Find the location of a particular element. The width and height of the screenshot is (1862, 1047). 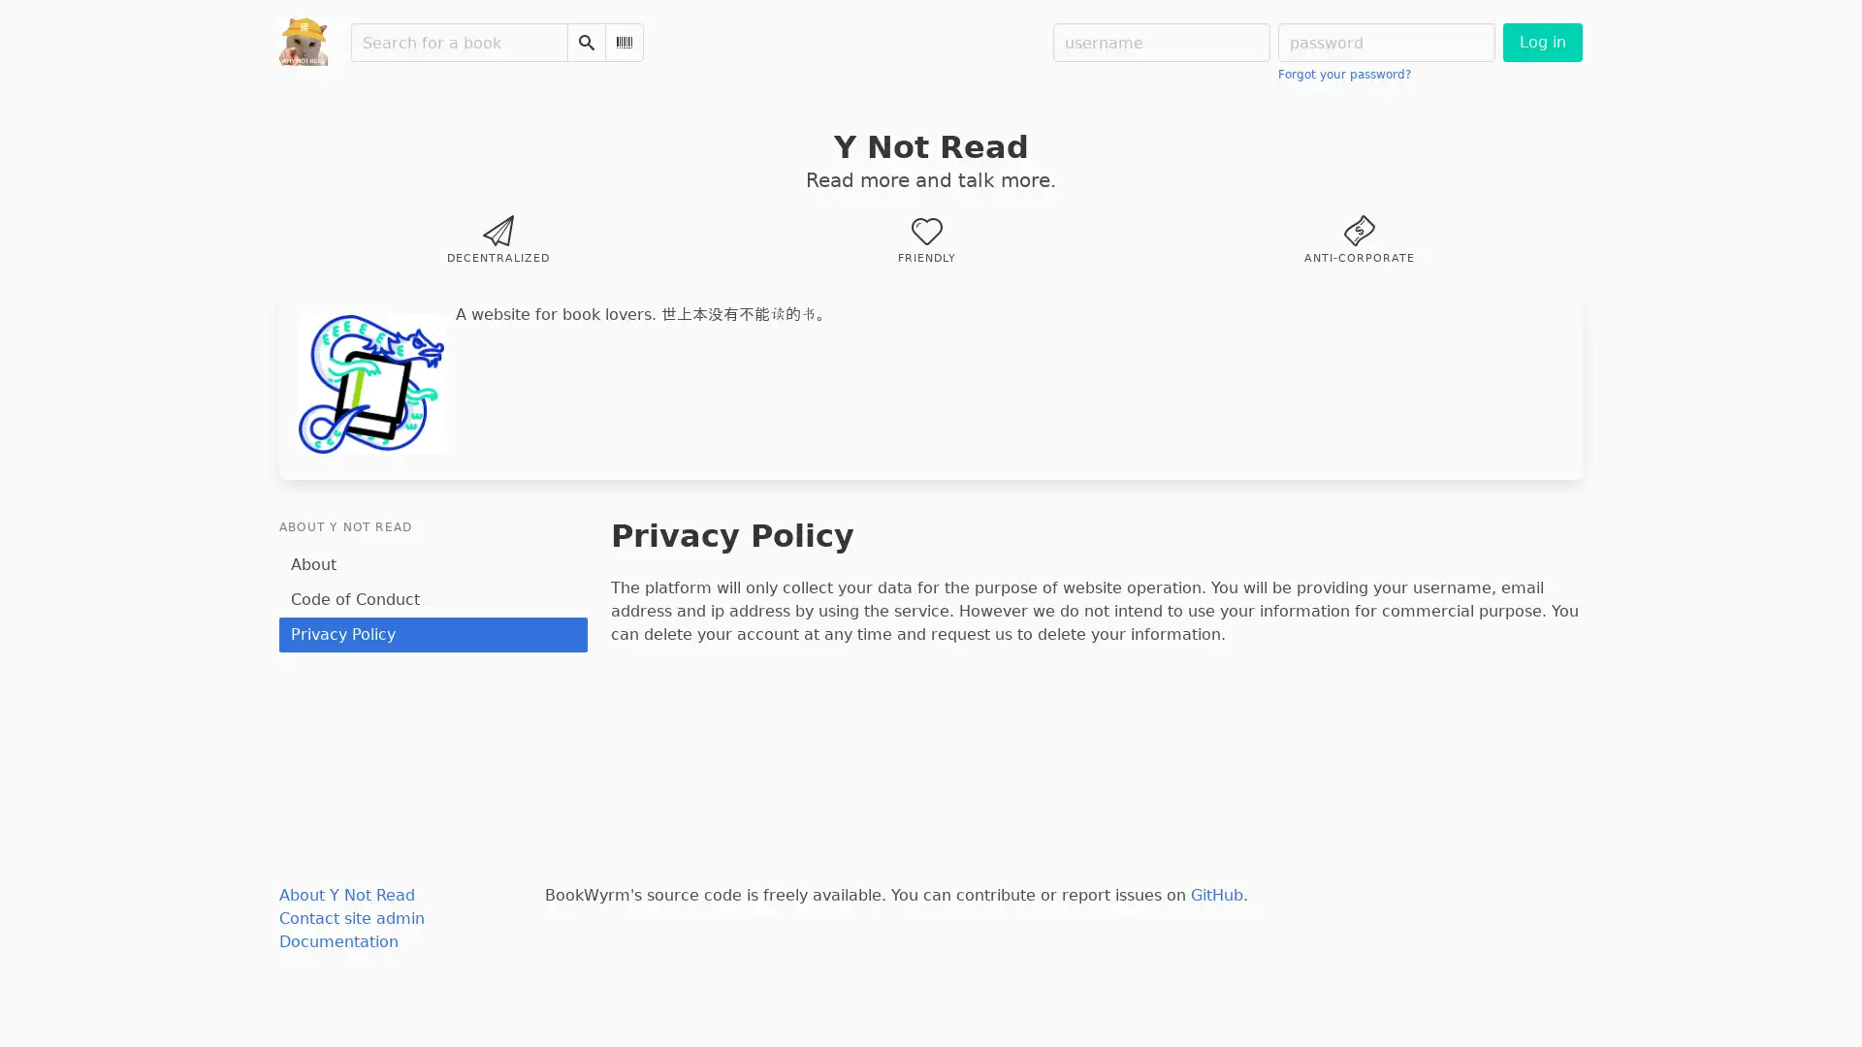

Scan Barcode is located at coordinates (624, 42).